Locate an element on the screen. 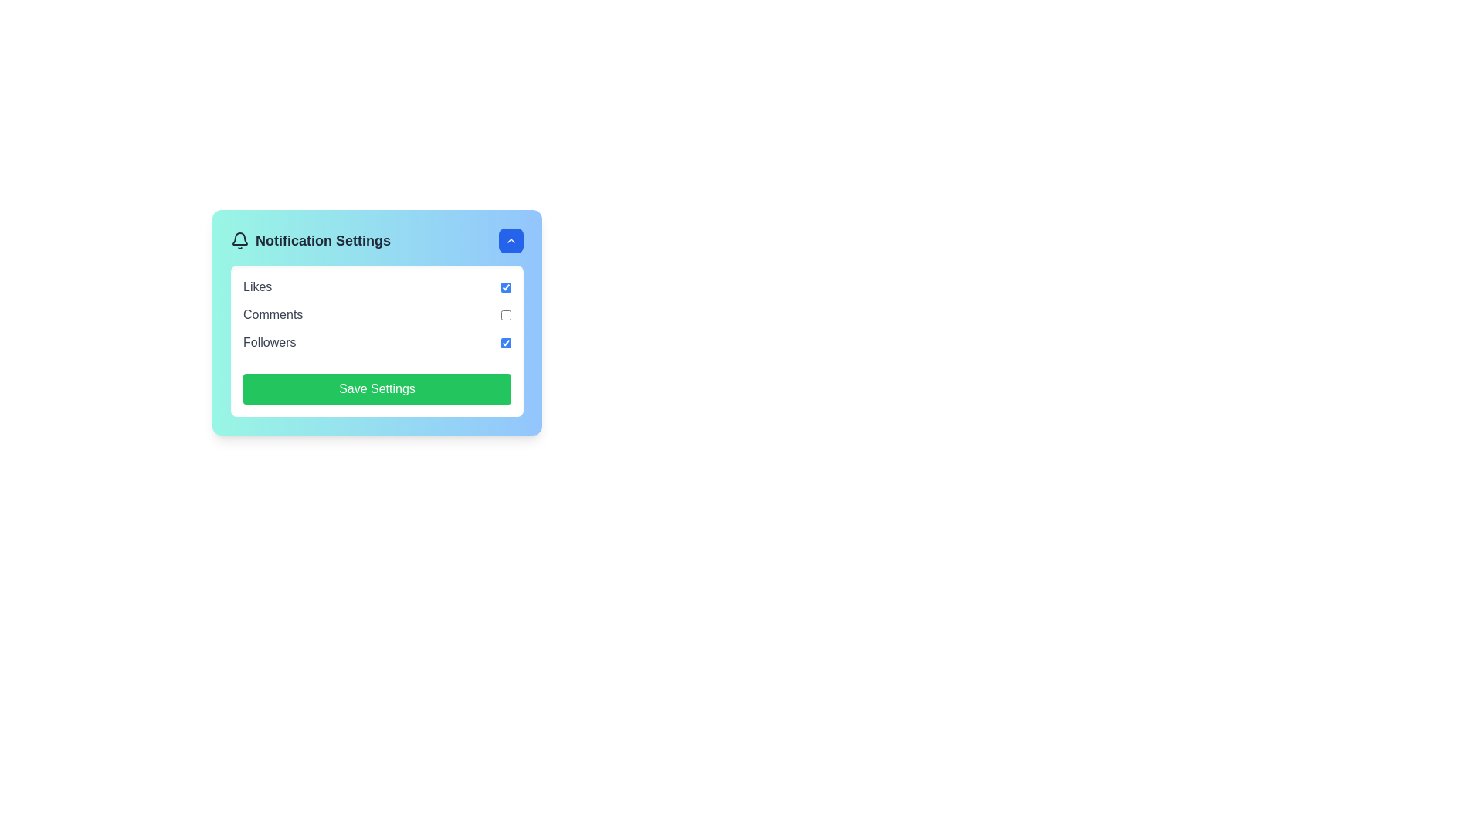 Image resolution: width=1483 pixels, height=834 pixels. the checkbox is located at coordinates (506, 314).